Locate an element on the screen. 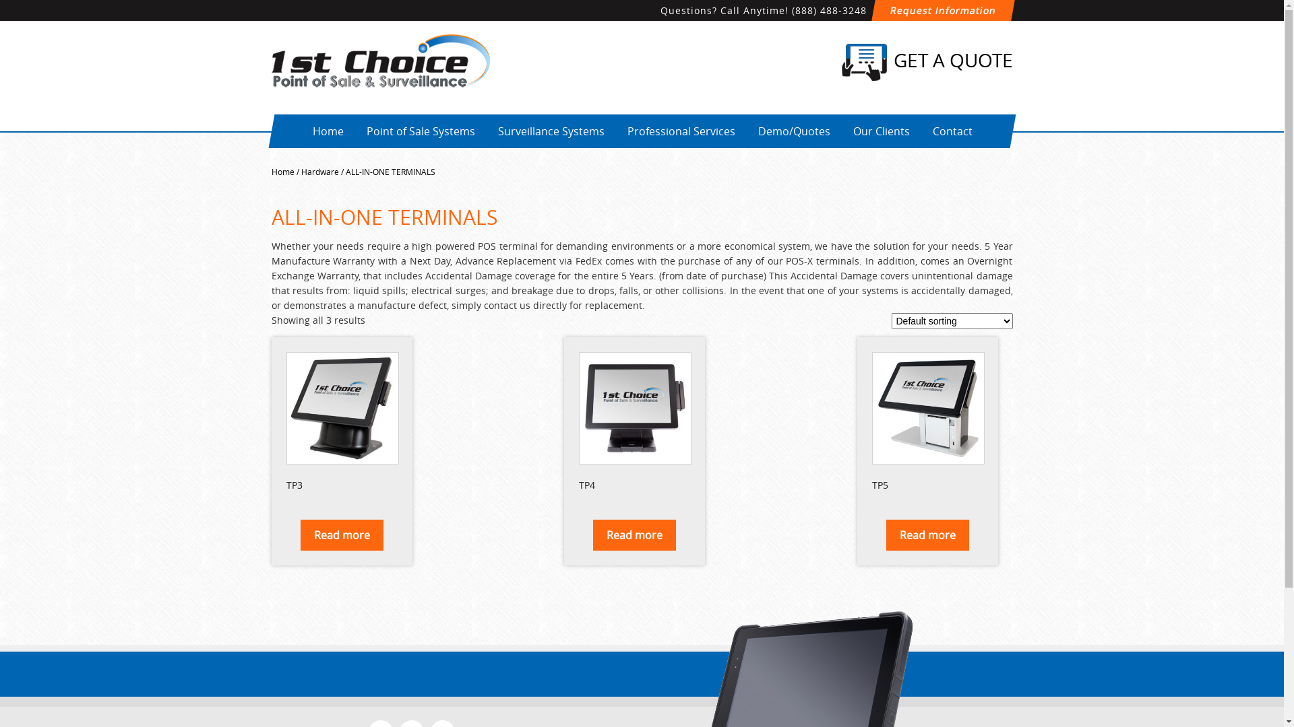 The image size is (1294, 727). 'Read more' is located at coordinates (342, 534).